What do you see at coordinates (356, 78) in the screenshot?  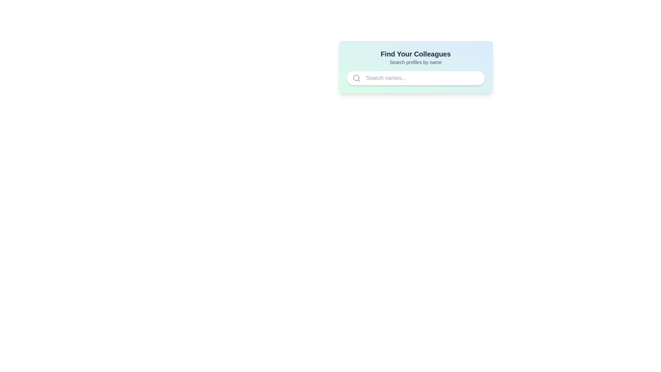 I see `the magnifying glass icon located at the left edge of the search bar inside the card-like interface with the header 'Find Your Colleagues'` at bounding box center [356, 78].